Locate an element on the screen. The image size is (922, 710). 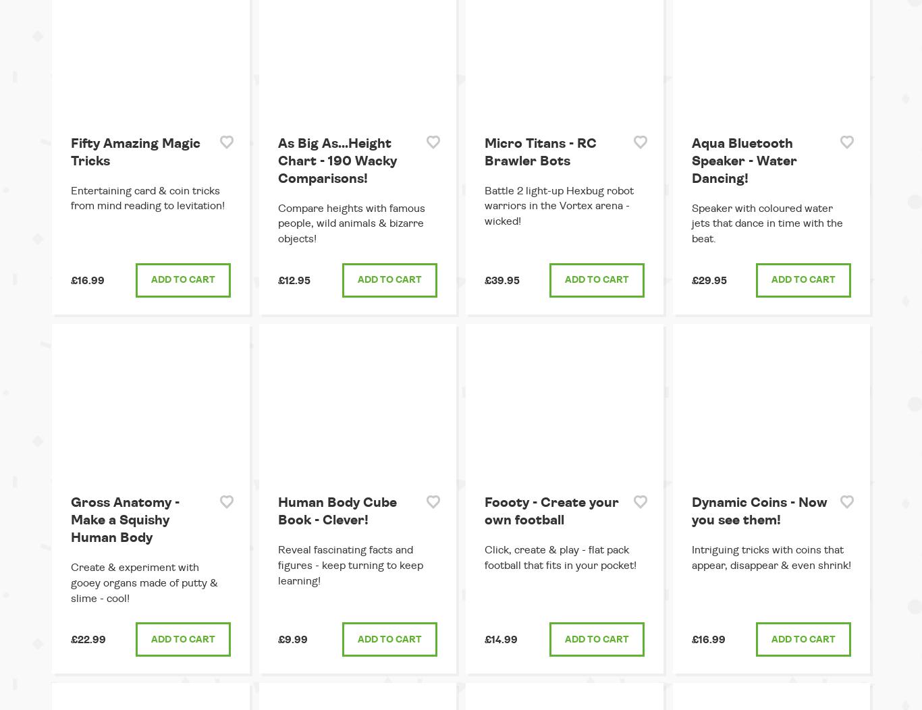
'Dynamic Coins - Now you see them!' is located at coordinates (758, 510).